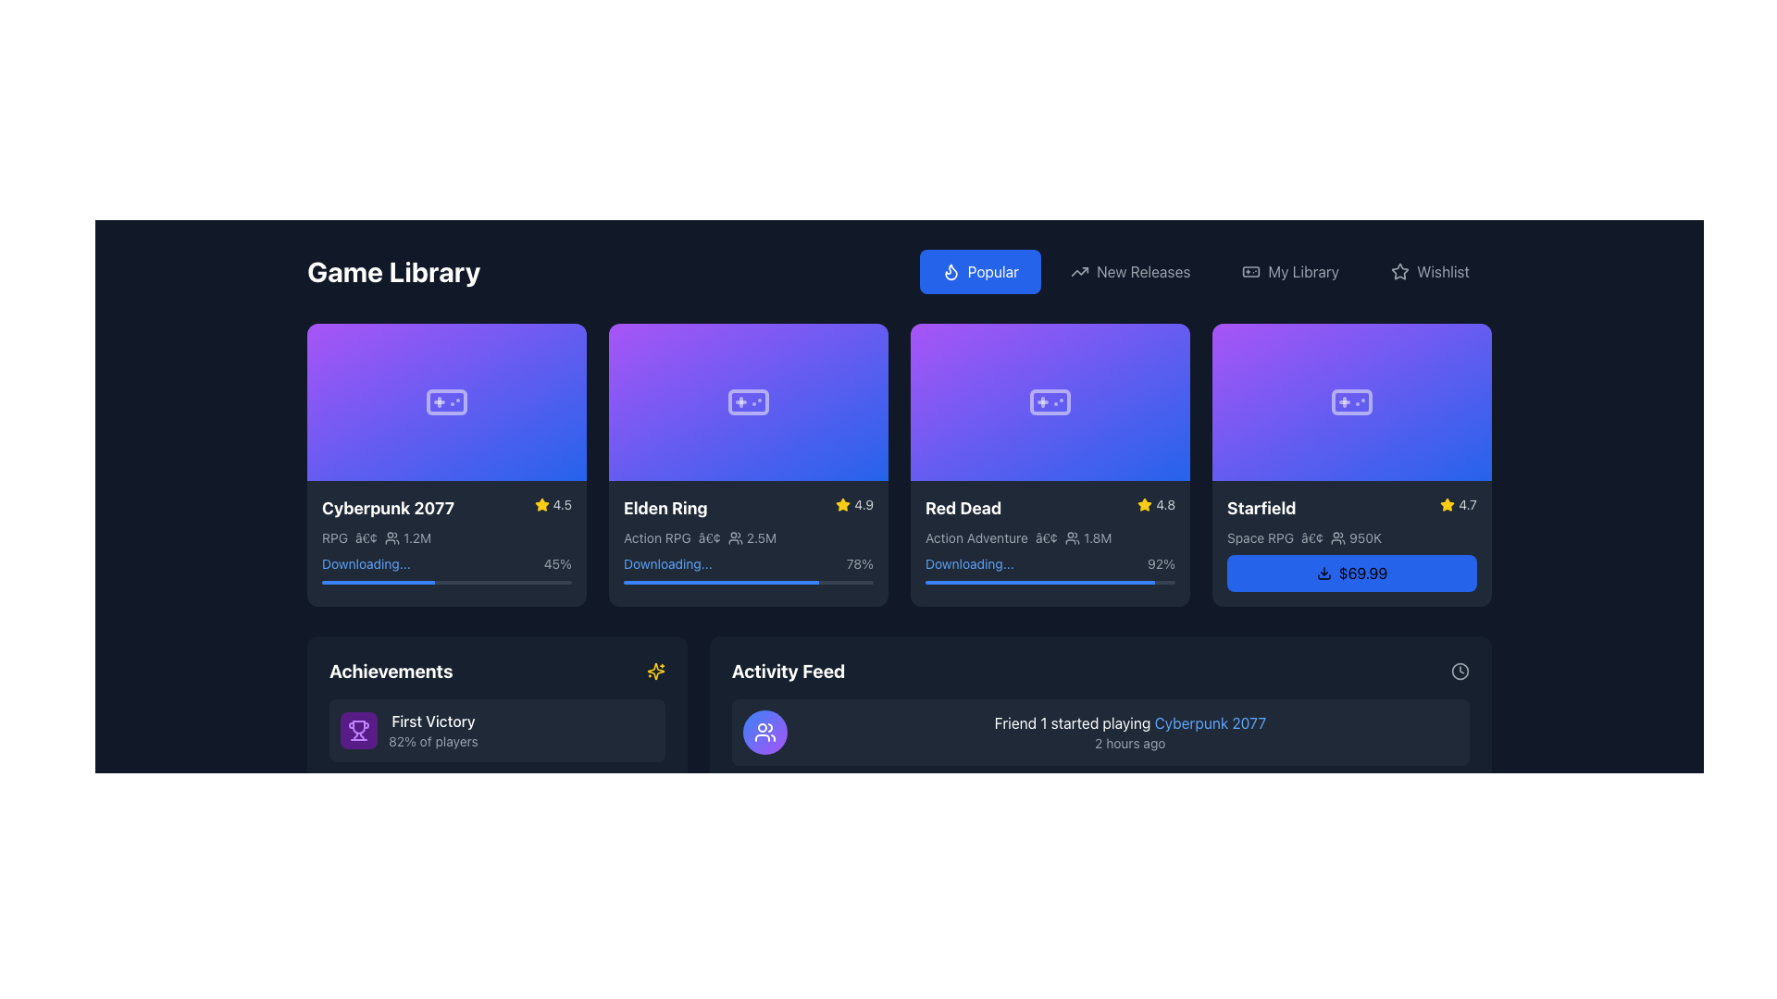 The image size is (1777, 999). I want to click on 'Cyberpunk 2077' text label displayed in bold, large white font at the top-left of the first game card in the Game Library section, so click(387, 508).